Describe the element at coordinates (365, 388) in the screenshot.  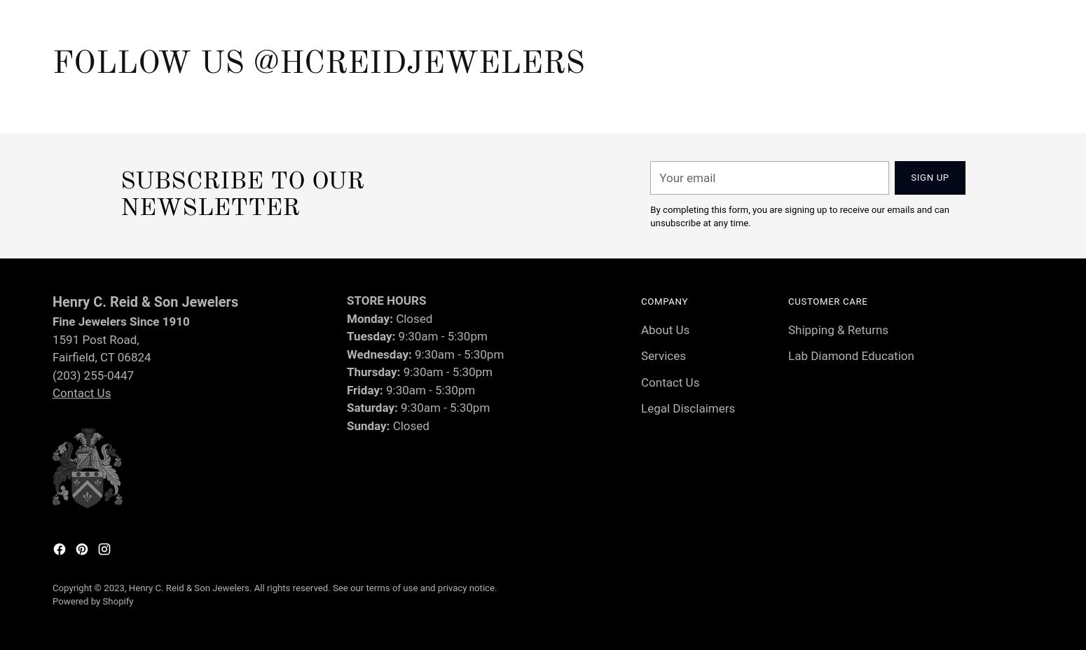
I see `'Friday:'` at that location.